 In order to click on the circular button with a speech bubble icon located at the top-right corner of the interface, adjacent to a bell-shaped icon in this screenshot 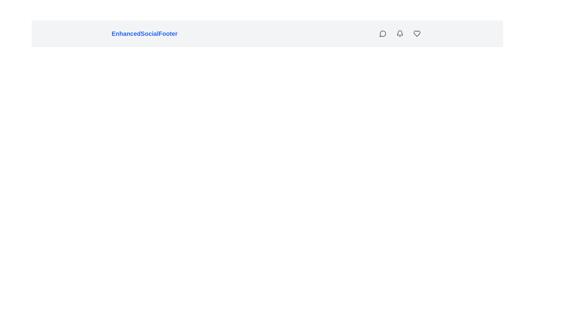, I will do `click(382, 34)`.